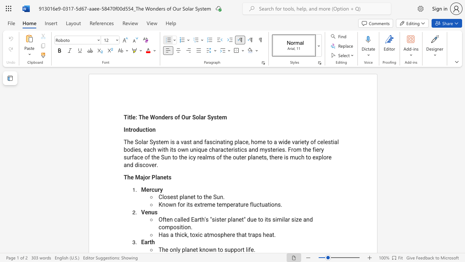 This screenshot has height=262, width=465. Describe the element at coordinates (240, 235) in the screenshot. I see `the 3th character "h" in the text` at that location.